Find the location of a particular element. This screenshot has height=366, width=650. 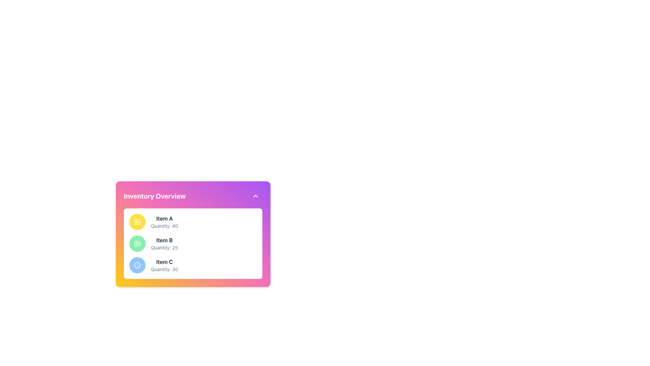

the first icon in the vertically arranged list within the 'Inventory Overview' card that represents 'Item A' is located at coordinates (137, 222).